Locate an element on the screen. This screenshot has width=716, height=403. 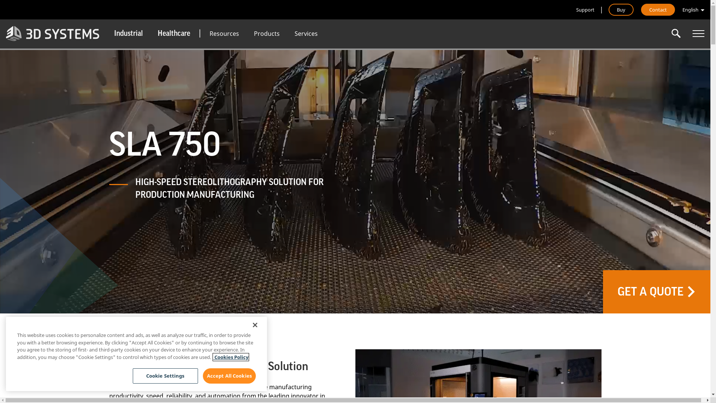
'Skip to main content' is located at coordinates (0, 0).